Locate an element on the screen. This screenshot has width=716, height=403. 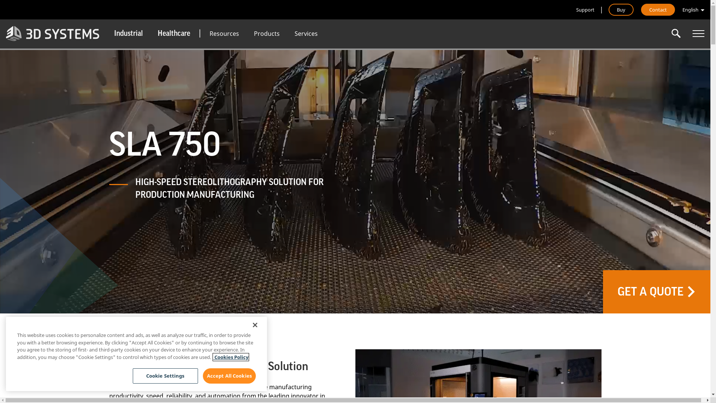
'Skip to main content' is located at coordinates (0, 0).